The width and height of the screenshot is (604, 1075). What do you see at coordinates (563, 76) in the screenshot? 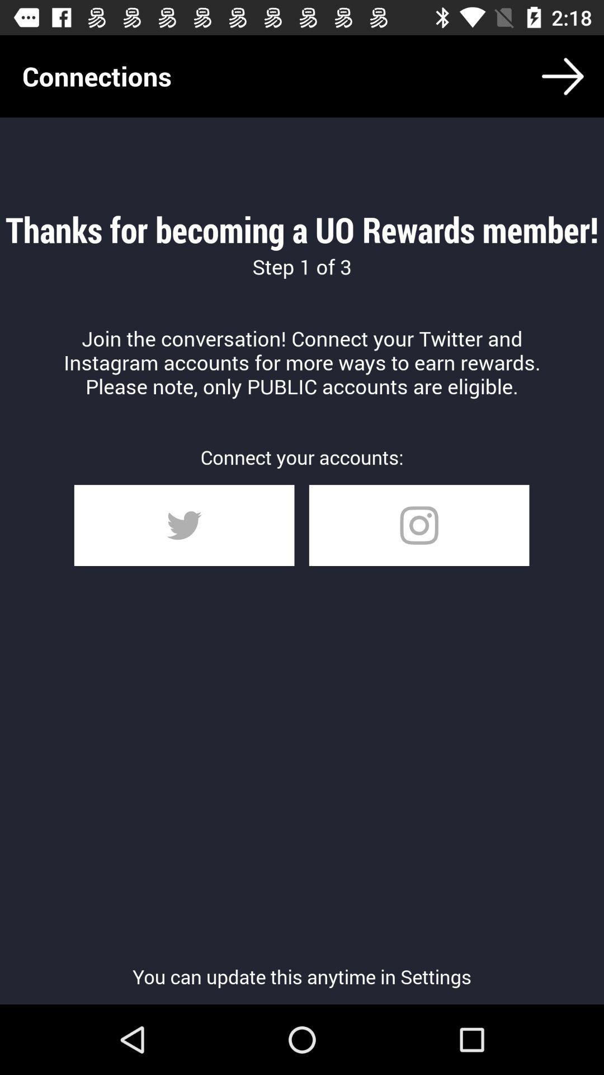
I see `icon above thanks for becoming` at bounding box center [563, 76].